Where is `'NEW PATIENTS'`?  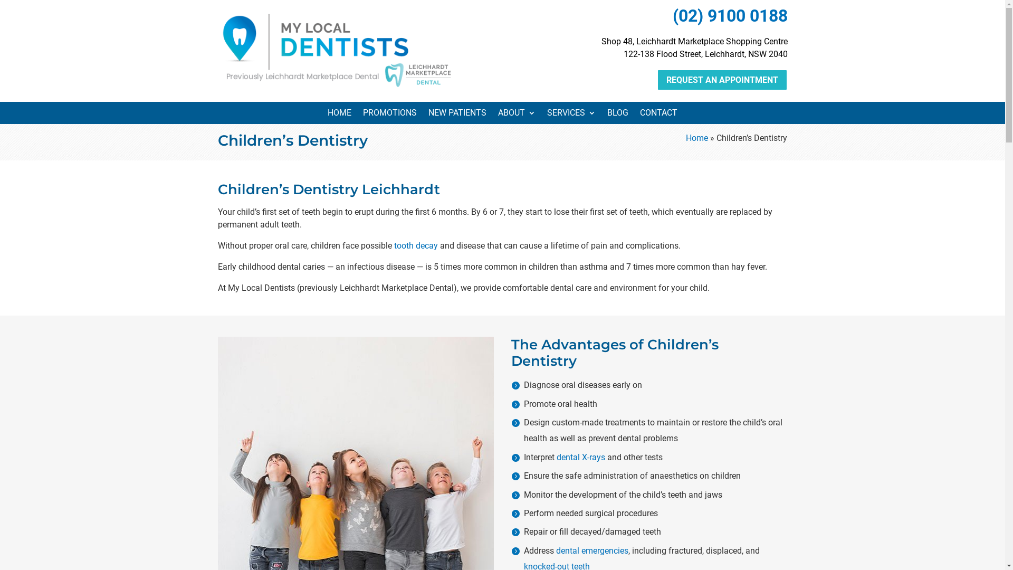
'NEW PATIENTS' is located at coordinates (428, 115).